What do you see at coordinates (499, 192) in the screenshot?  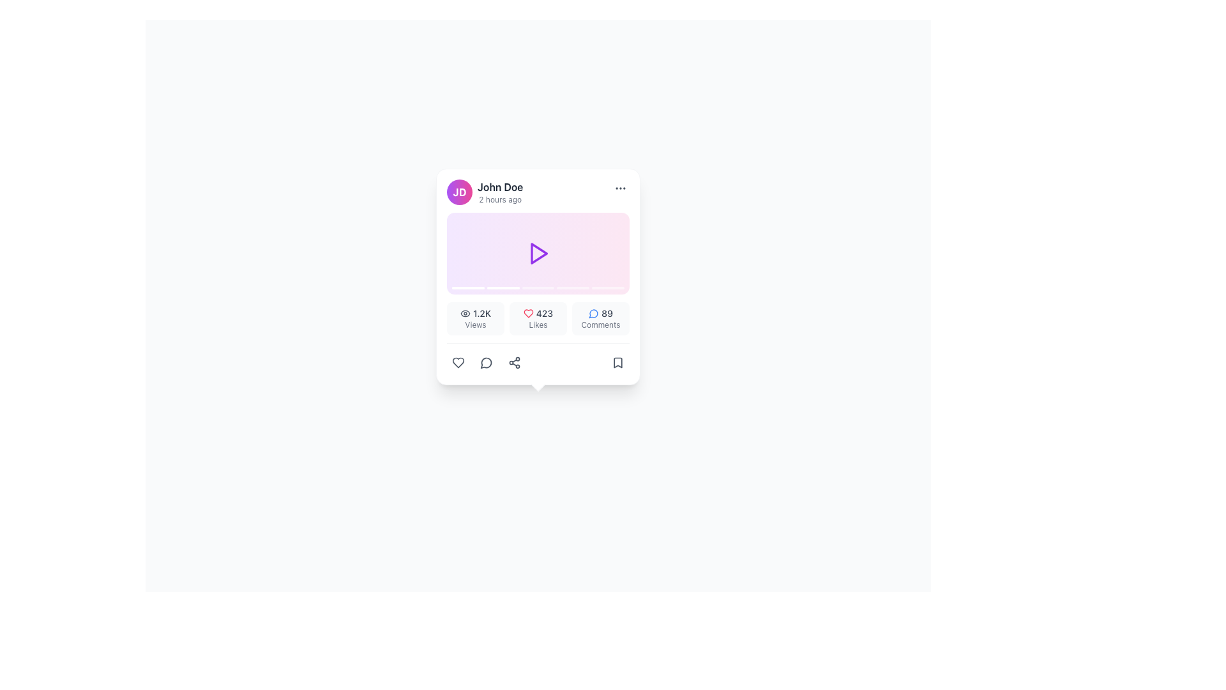 I see `the text block displaying the author's username 'John Doe' and the timestamp '2 hours ago', located beneath the circular avatar labeled 'JD'` at bounding box center [499, 192].